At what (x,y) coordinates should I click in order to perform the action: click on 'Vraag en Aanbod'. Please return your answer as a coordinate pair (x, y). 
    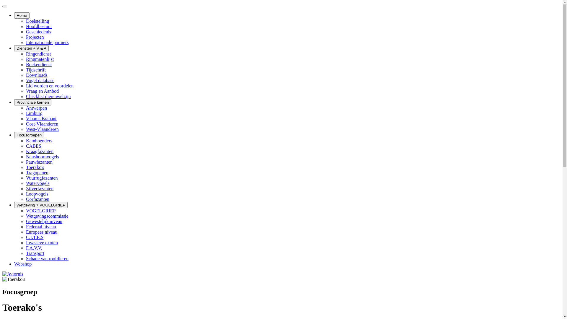
    Looking at the image, I should click on (42, 91).